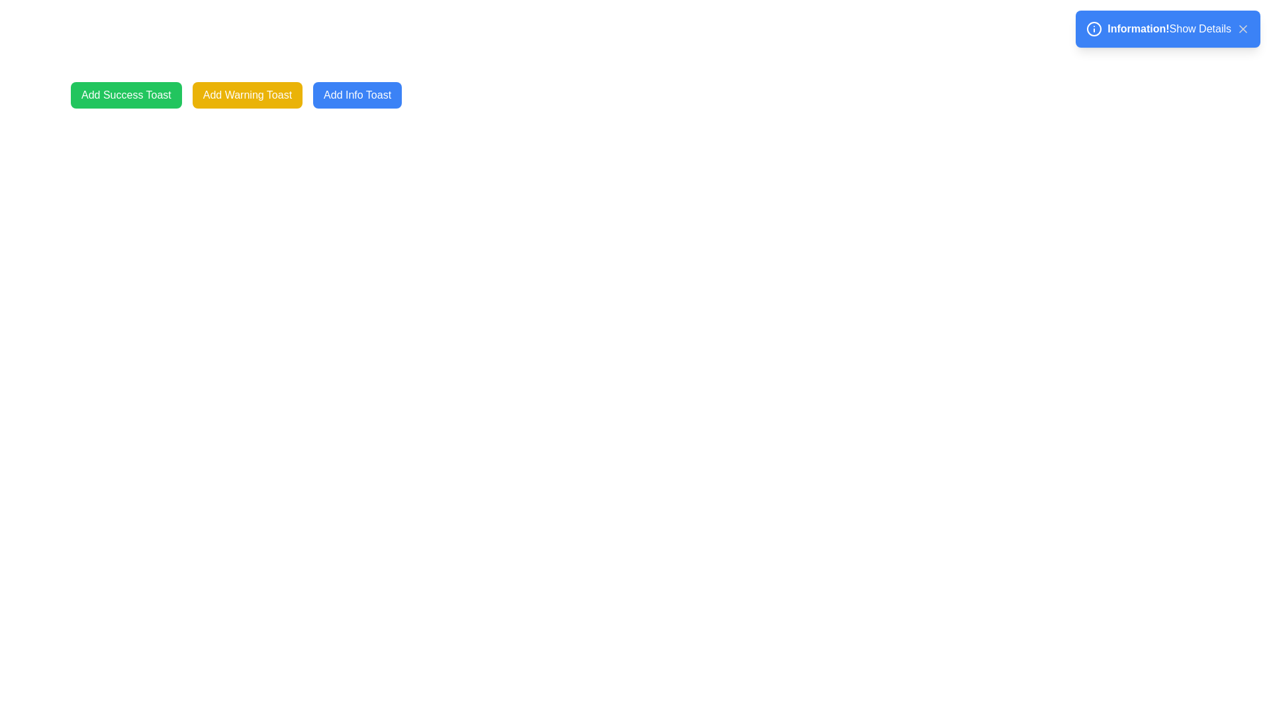 This screenshot has height=715, width=1271. Describe the element at coordinates (1127, 28) in the screenshot. I see `the text label with an icon located in the top right corner of the layout` at that location.